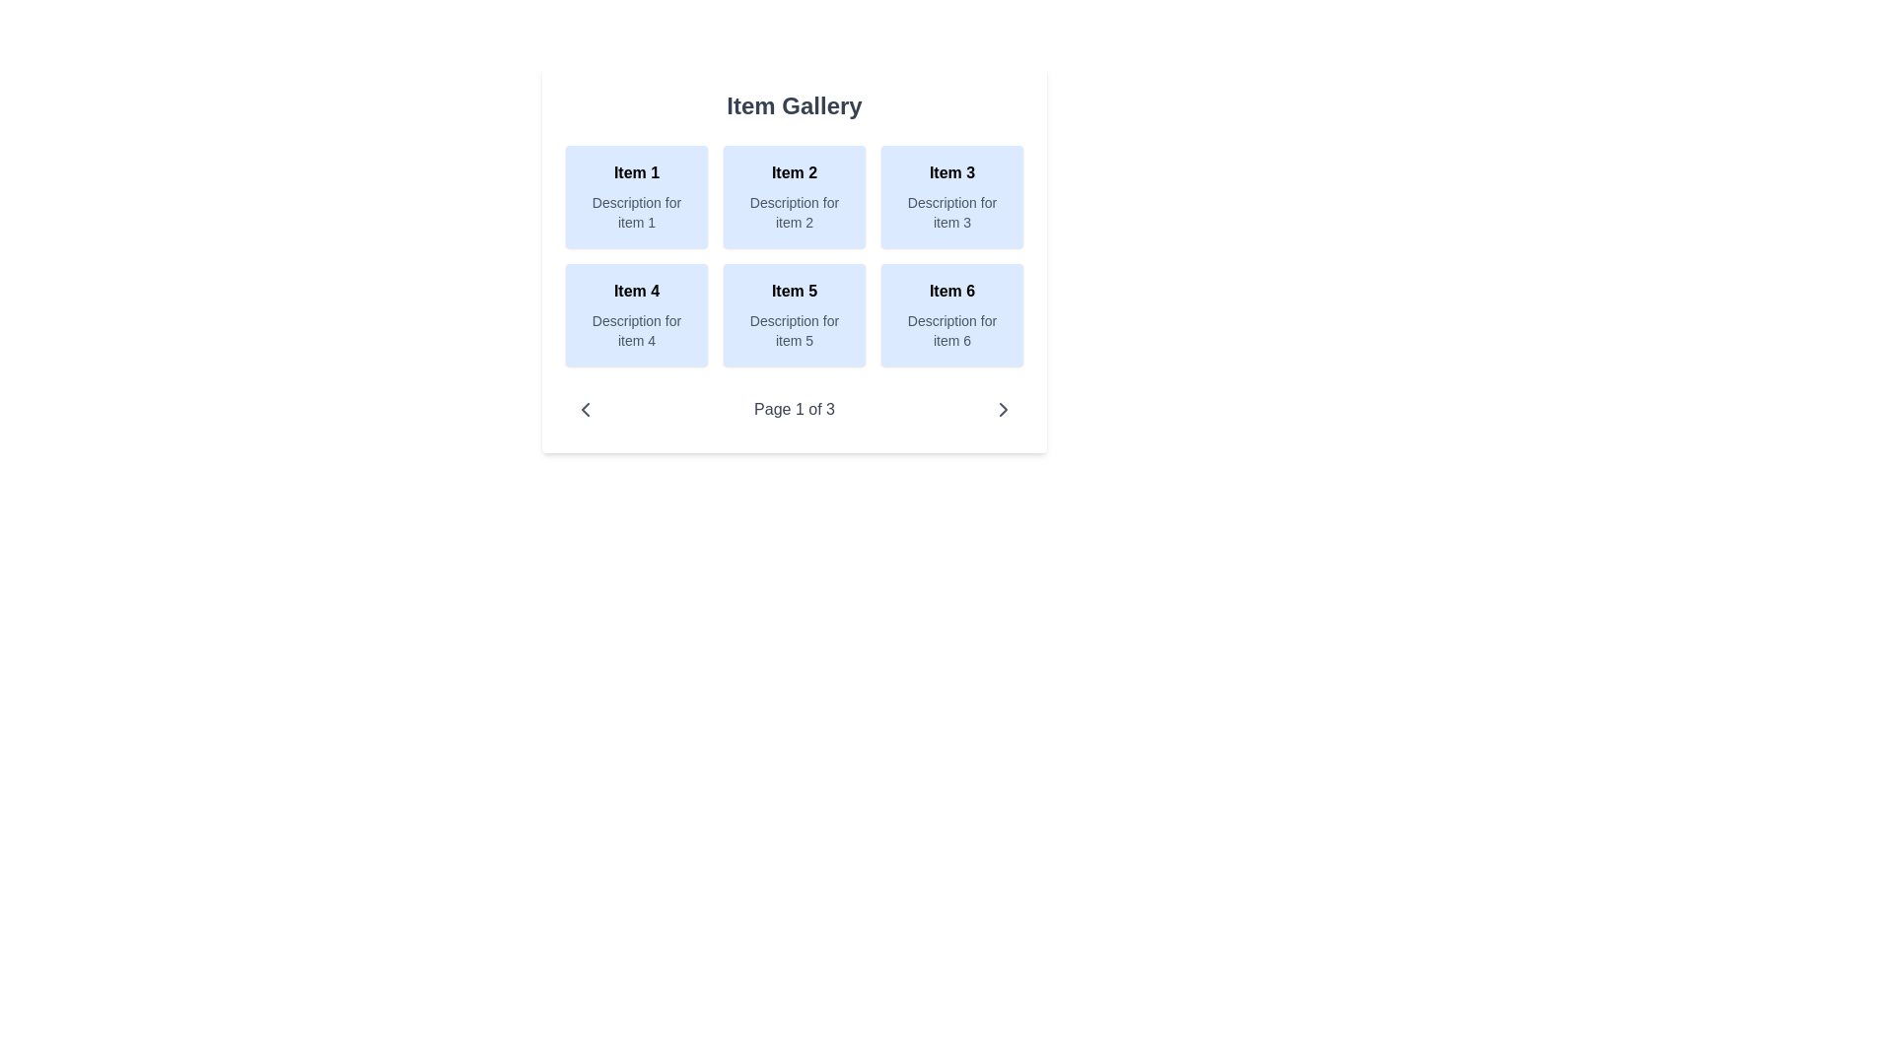 This screenshot has height=1064, width=1893. What do you see at coordinates (795, 197) in the screenshot?
I see `the Informational card displaying information about 'Item 2', located in the second position of the first row in the Item Gallery grid` at bounding box center [795, 197].